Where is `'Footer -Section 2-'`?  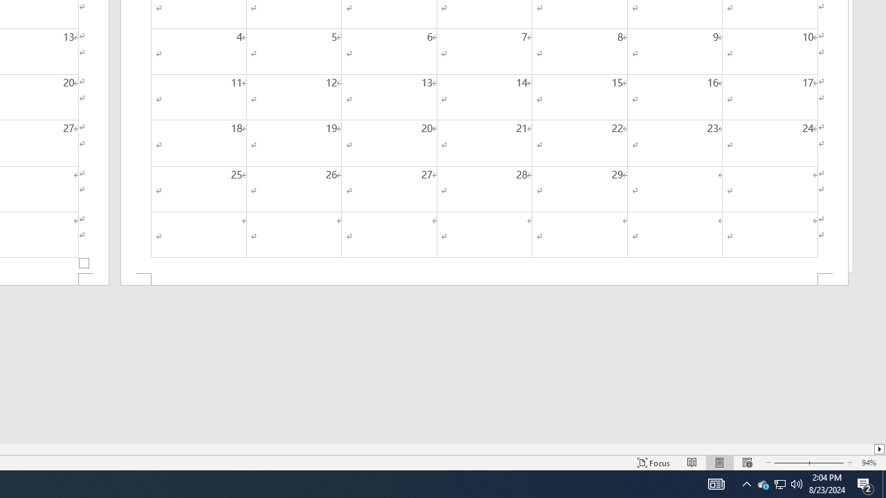 'Footer -Section 2-' is located at coordinates (485, 279).